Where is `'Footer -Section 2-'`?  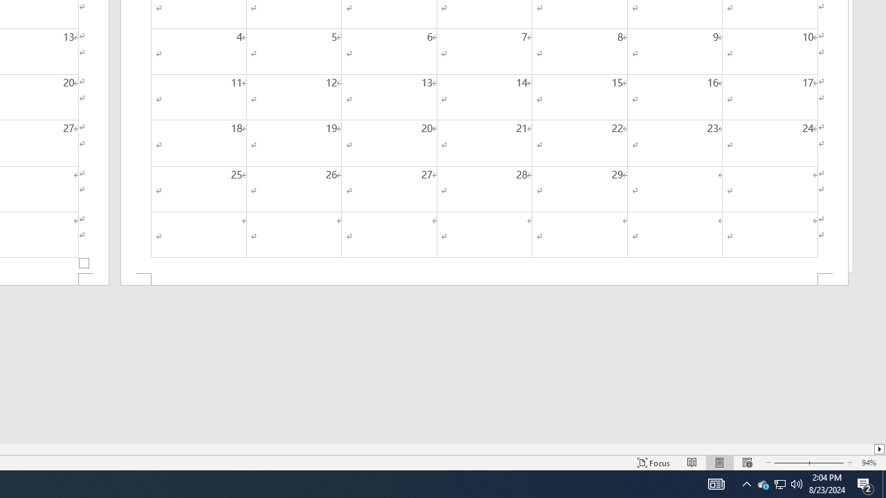 'Footer -Section 2-' is located at coordinates (485, 279).